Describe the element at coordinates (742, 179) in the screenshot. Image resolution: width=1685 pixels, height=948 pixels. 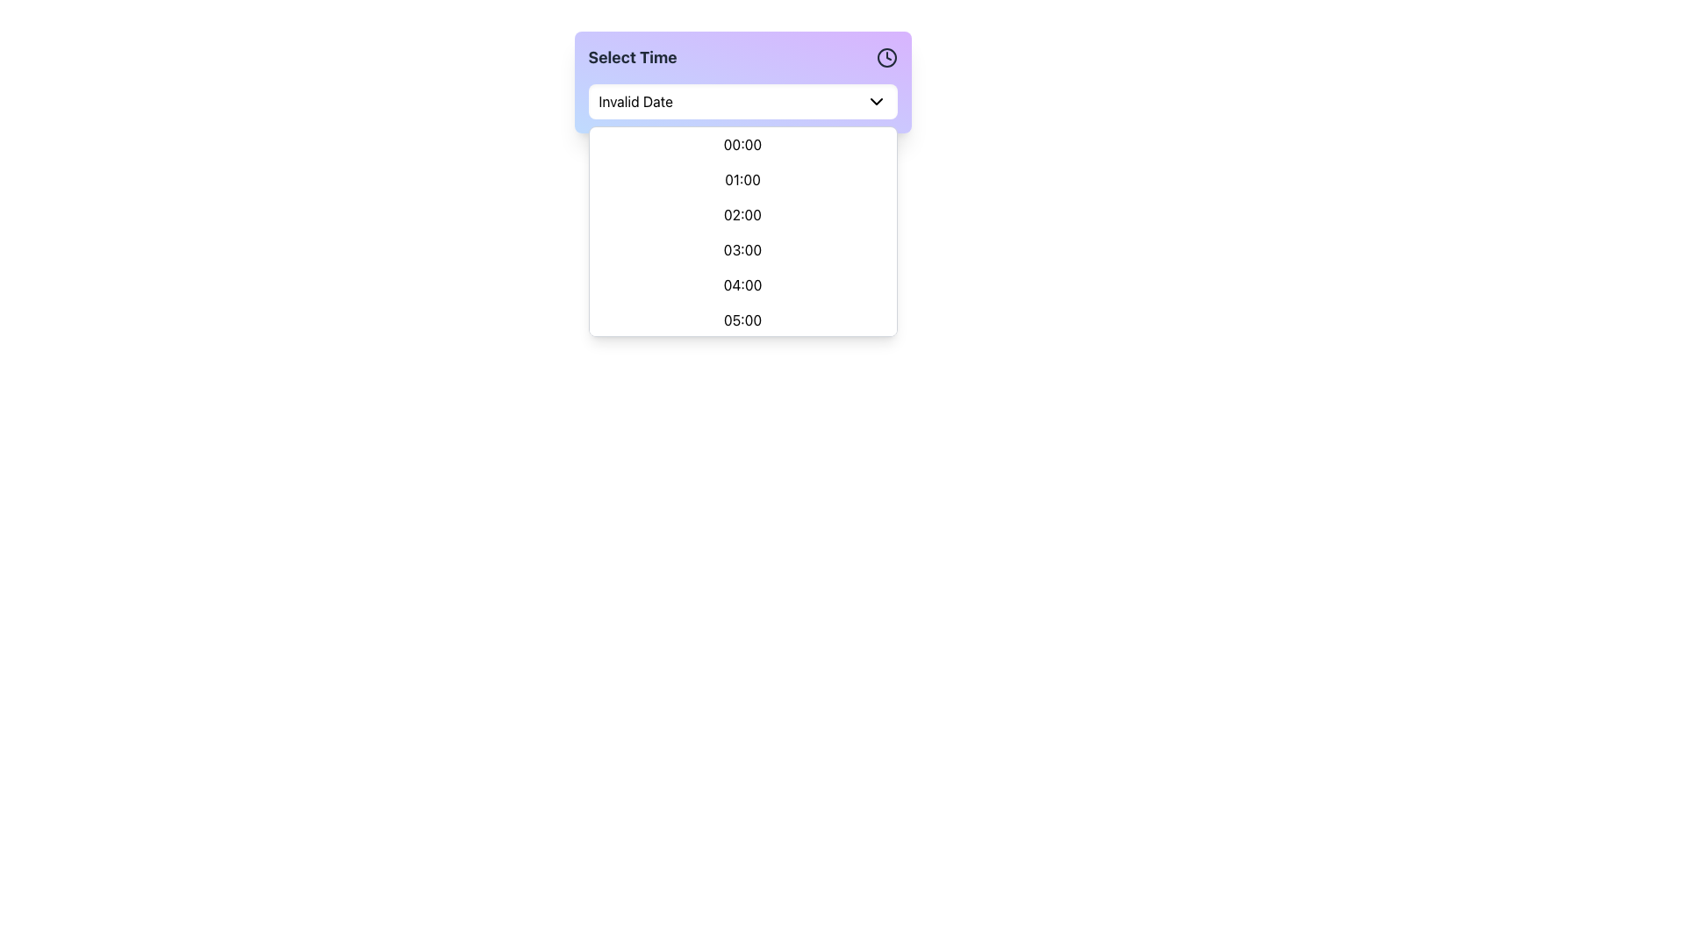
I see `the second item in the dropdown list for time selection` at that location.